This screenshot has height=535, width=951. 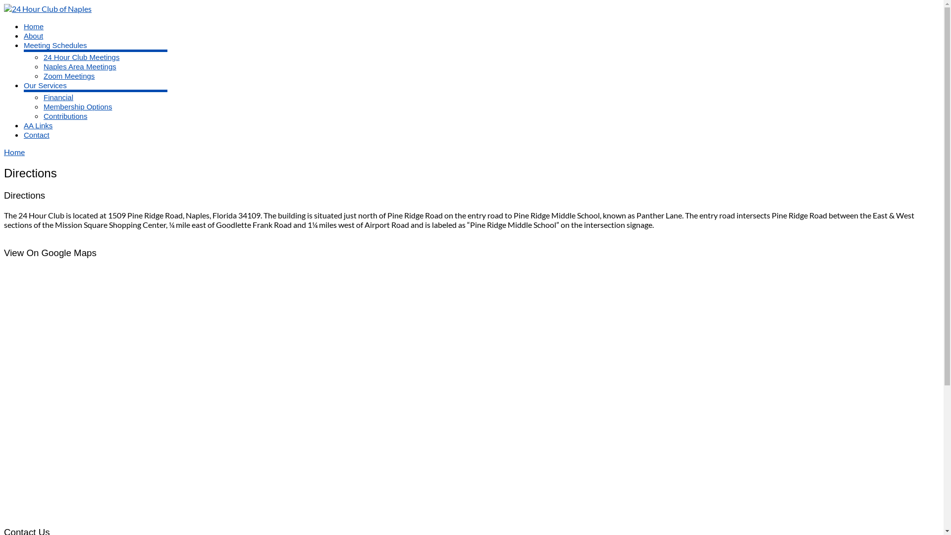 I want to click on 'Naples Area Meetings', so click(x=80, y=66).